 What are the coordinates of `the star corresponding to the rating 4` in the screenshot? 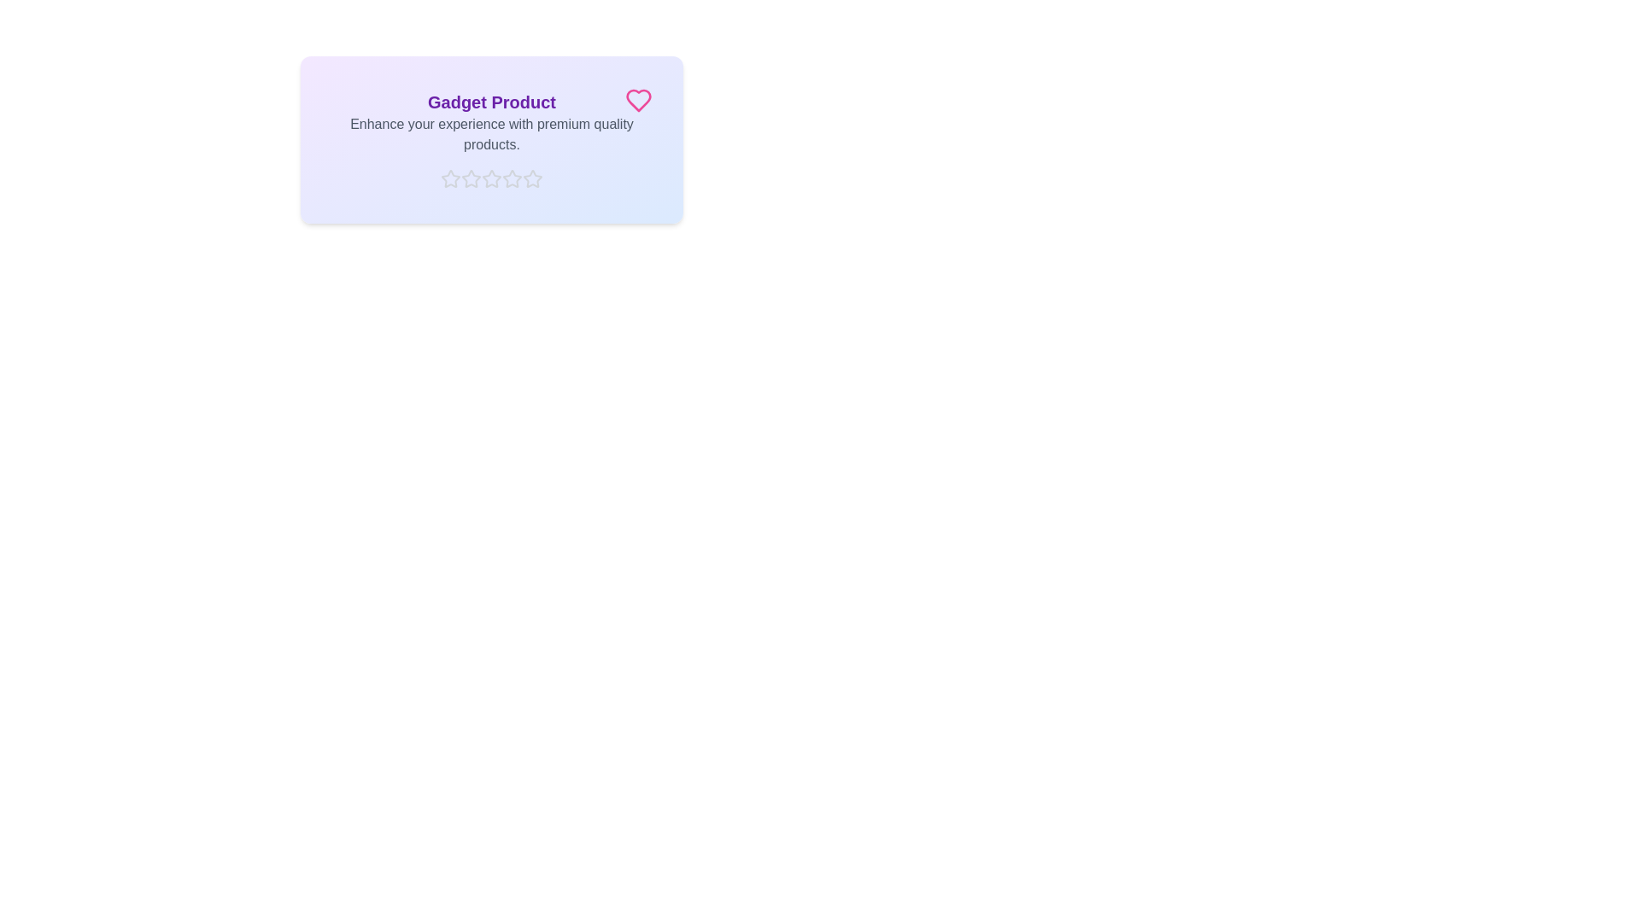 It's located at (512, 178).